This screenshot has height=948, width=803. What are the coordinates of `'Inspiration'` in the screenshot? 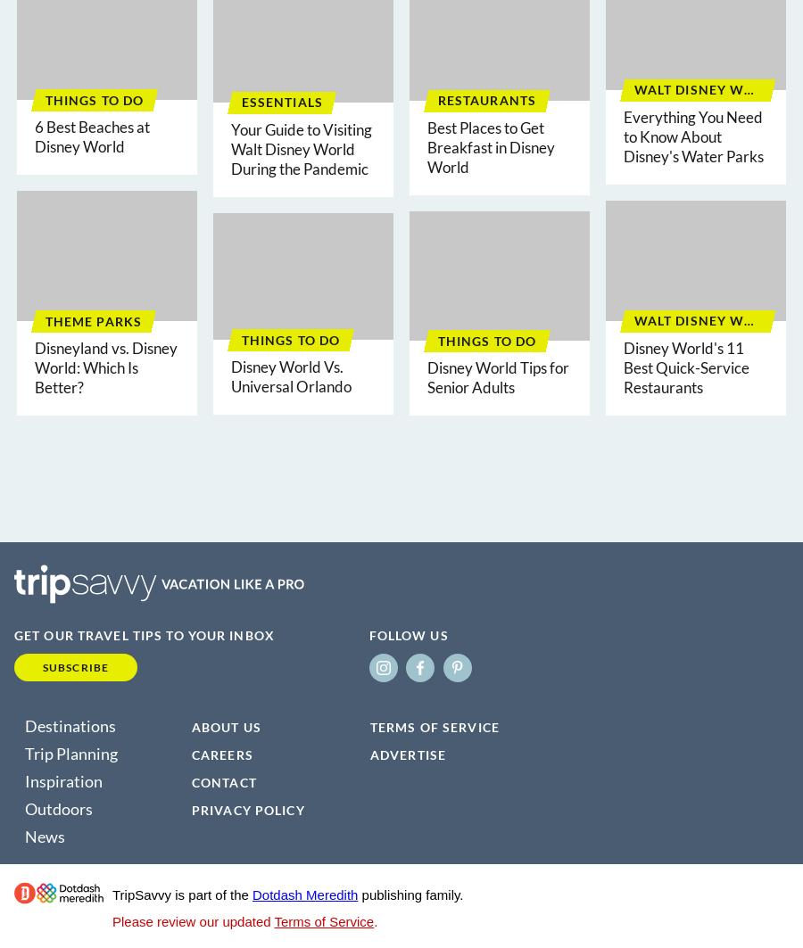 It's located at (23, 779).